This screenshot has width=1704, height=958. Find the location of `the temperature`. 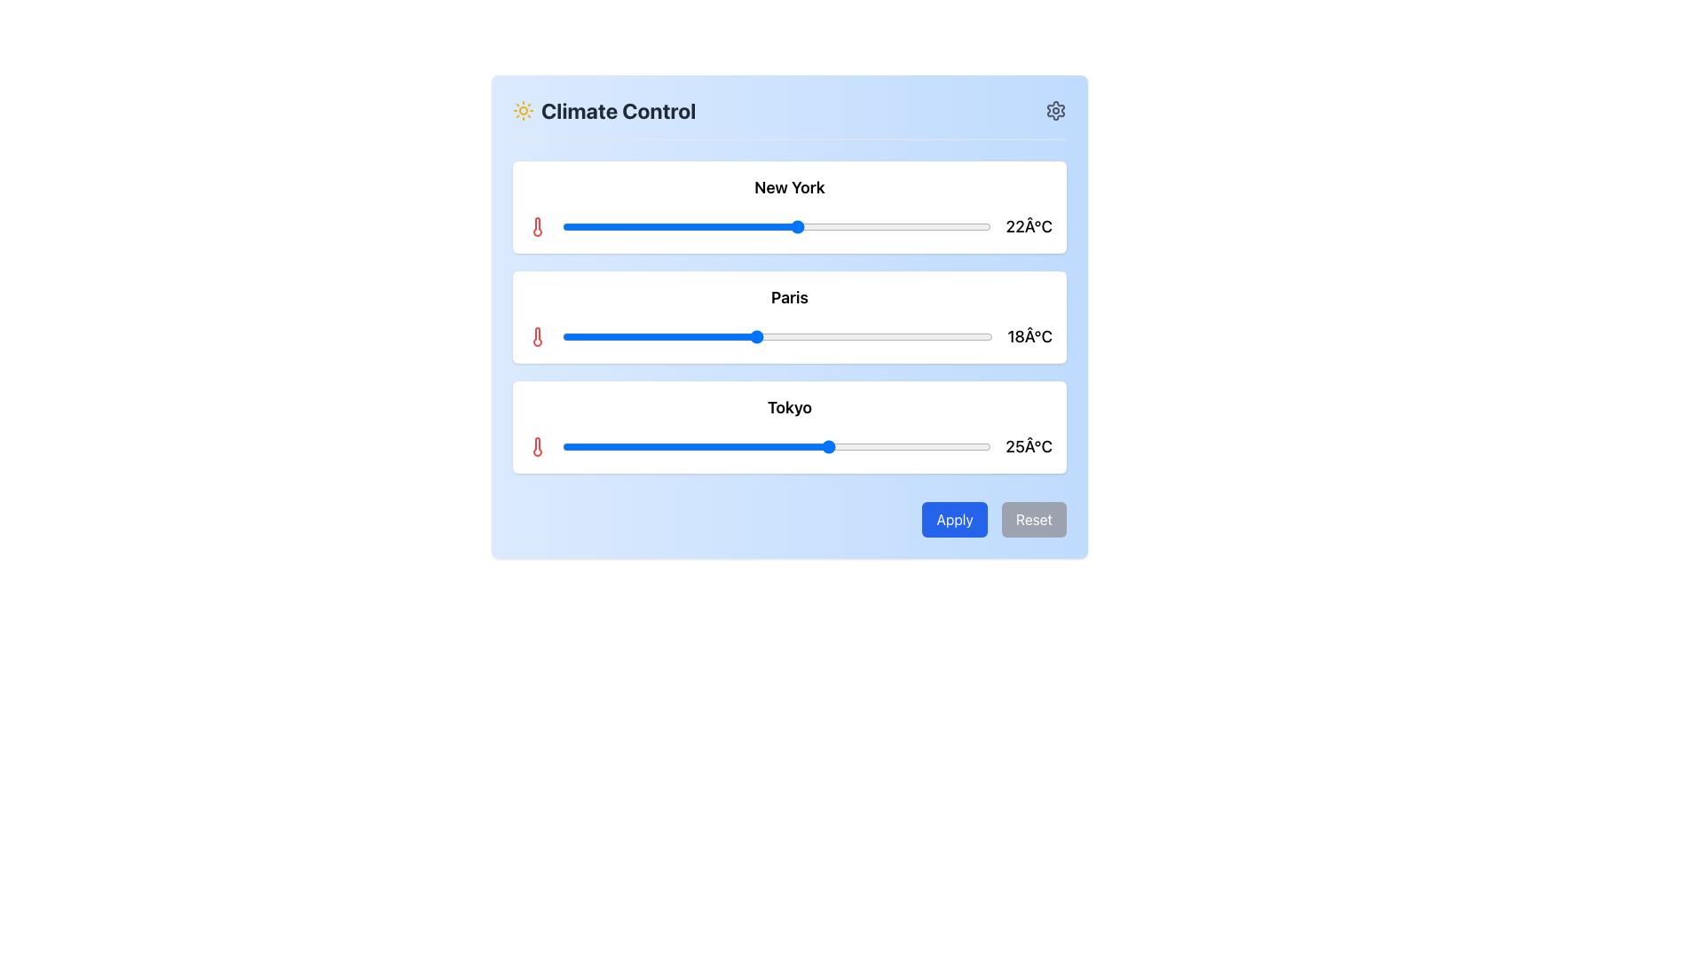

the temperature is located at coordinates (701, 446).